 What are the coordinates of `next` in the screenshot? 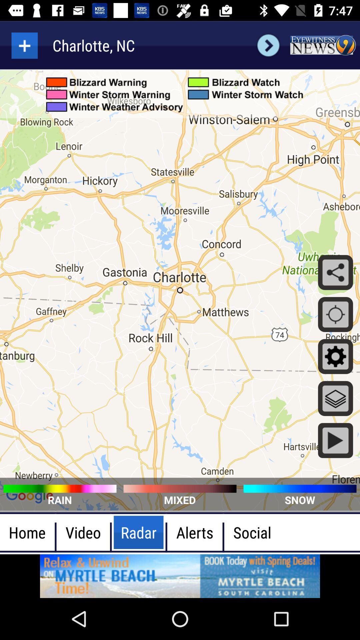 It's located at (268, 45).